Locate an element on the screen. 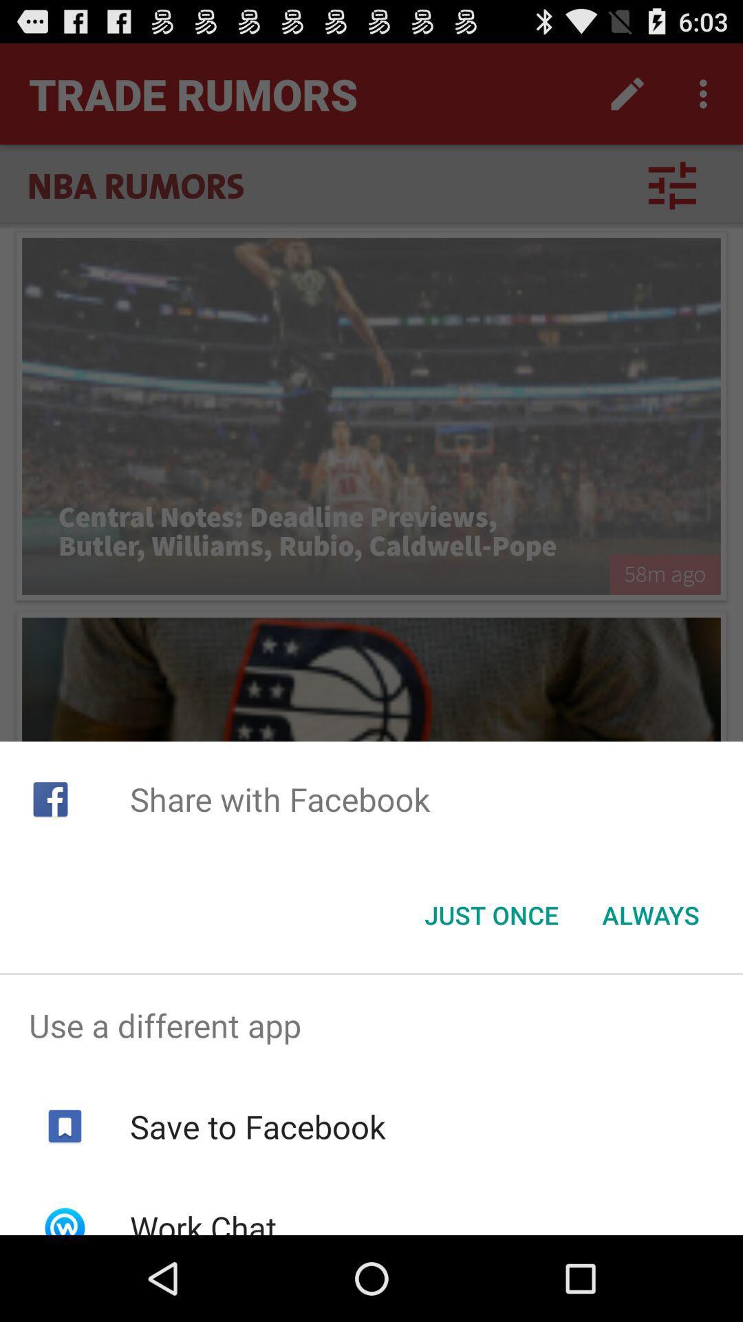 The height and width of the screenshot is (1322, 743). the icon below use a different app is located at coordinates (257, 1126).